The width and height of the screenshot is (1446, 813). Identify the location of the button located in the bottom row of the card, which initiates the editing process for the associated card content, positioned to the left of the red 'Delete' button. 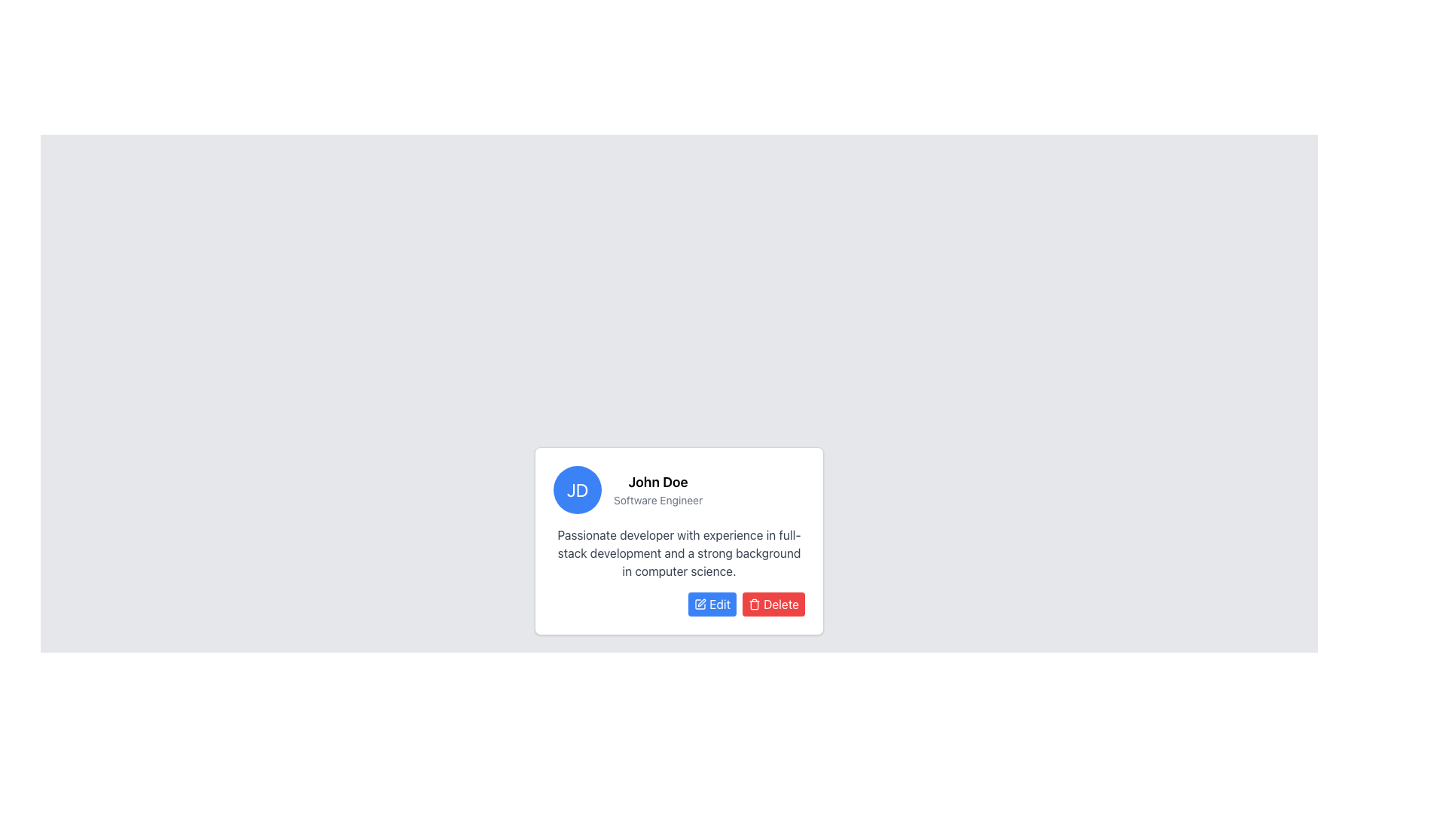
(712, 603).